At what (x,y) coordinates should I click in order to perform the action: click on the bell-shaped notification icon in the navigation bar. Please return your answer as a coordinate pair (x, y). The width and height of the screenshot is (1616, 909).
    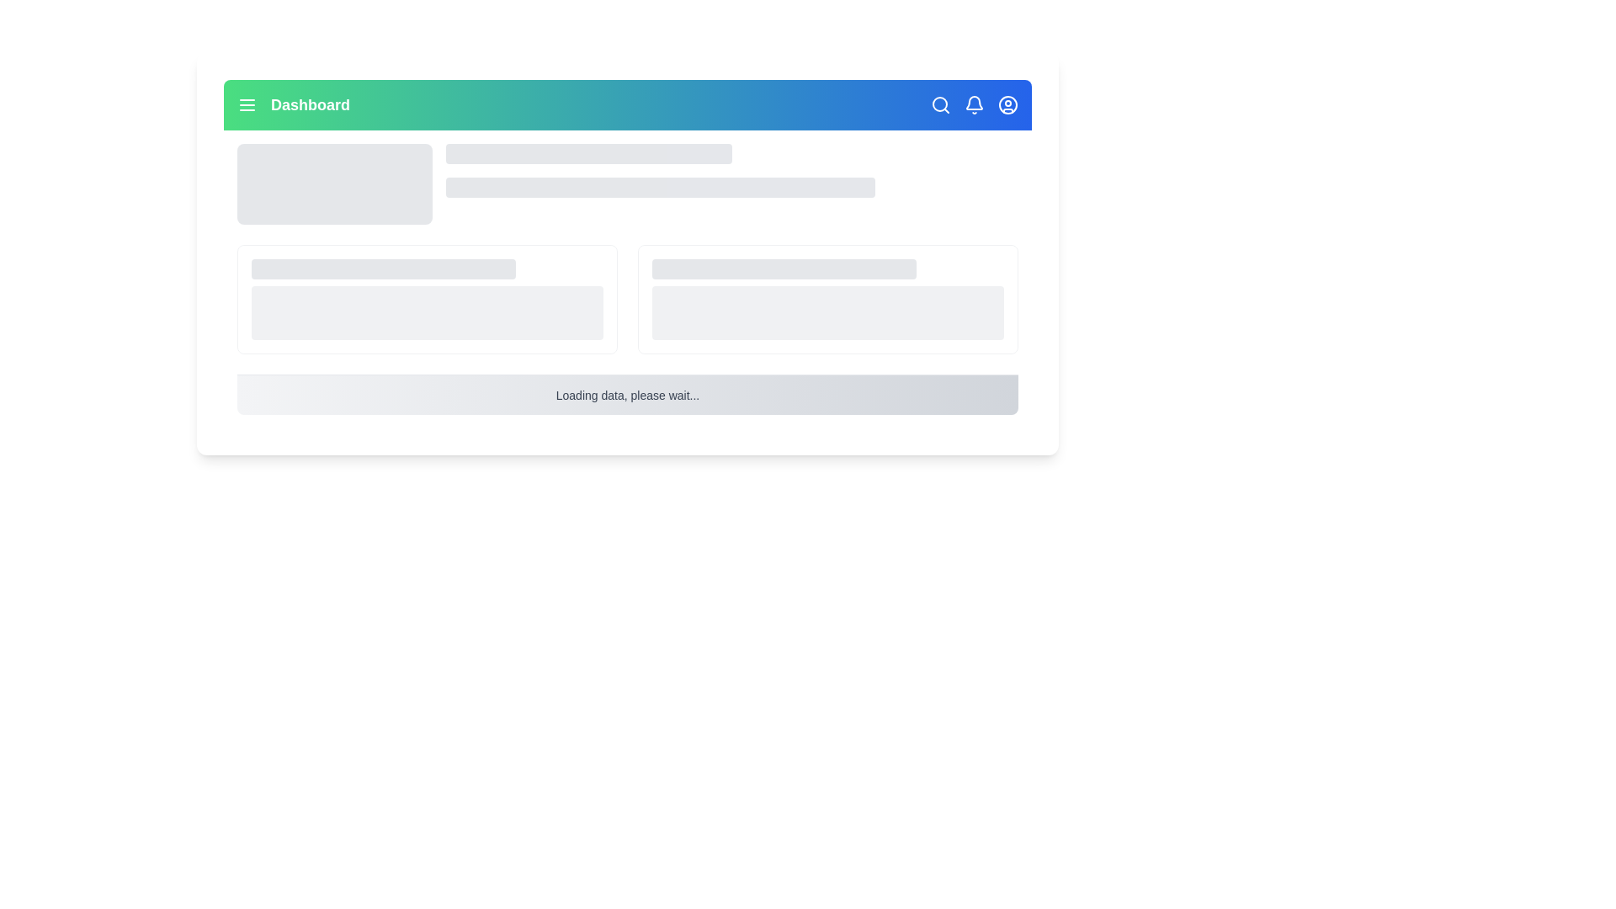
    Looking at the image, I should click on (974, 104).